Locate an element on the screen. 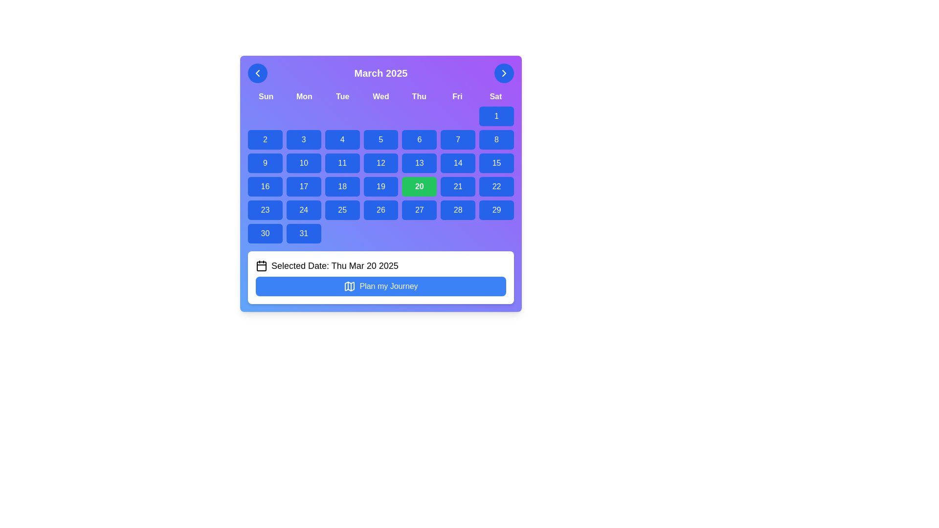 The width and height of the screenshot is (939, 528). the button representing March 4th, 2025, in the calendar grid is located at coordinates (342, 139).